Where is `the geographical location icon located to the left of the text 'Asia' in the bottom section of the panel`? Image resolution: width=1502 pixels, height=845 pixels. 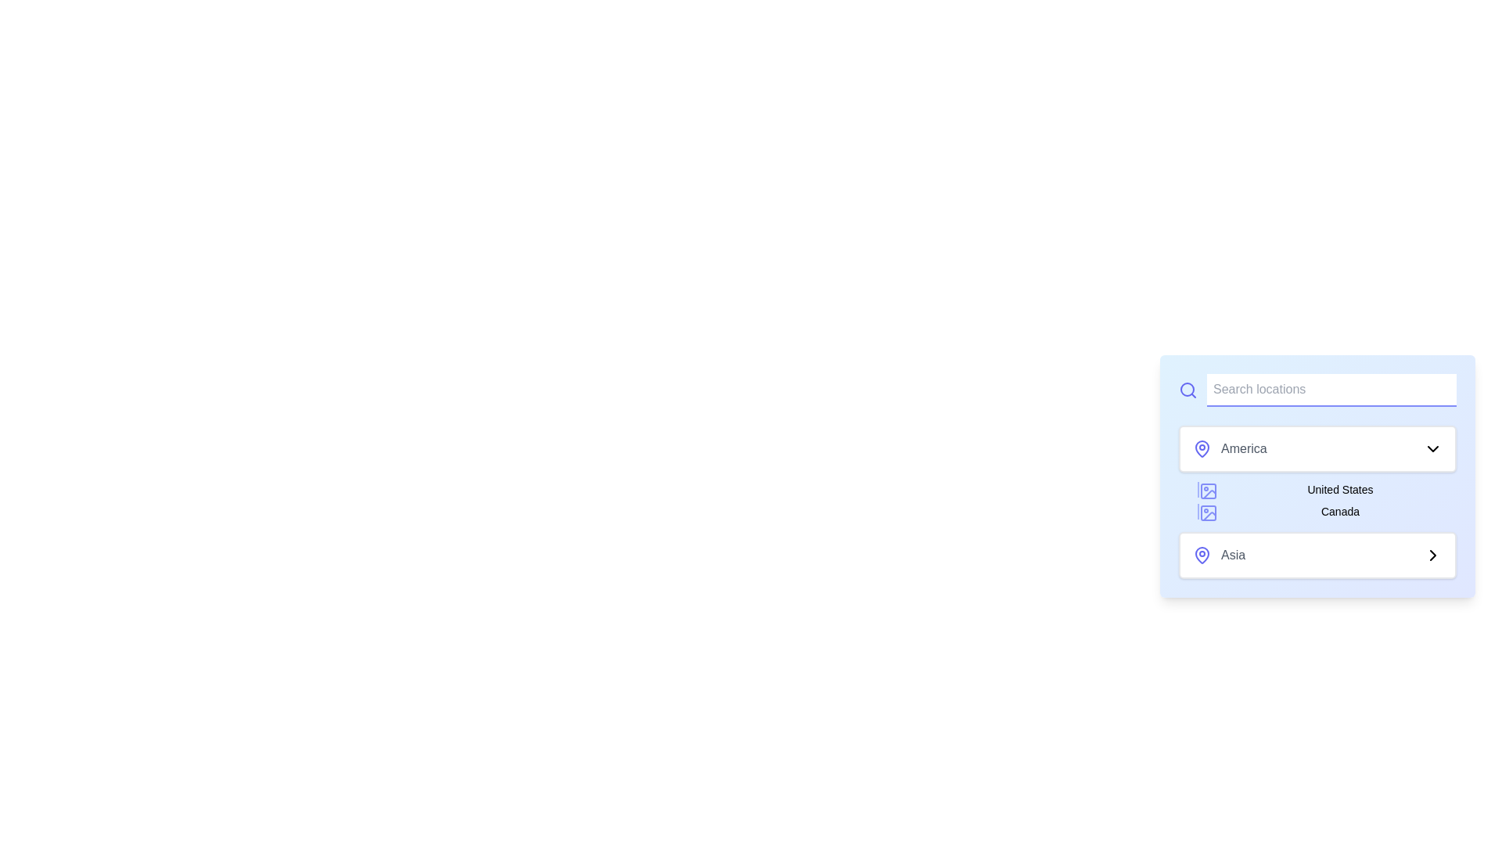
the geographical location icon located to the left of the text 'Asia' in the bottom section of the panel is located at coordinates (1201, 554).